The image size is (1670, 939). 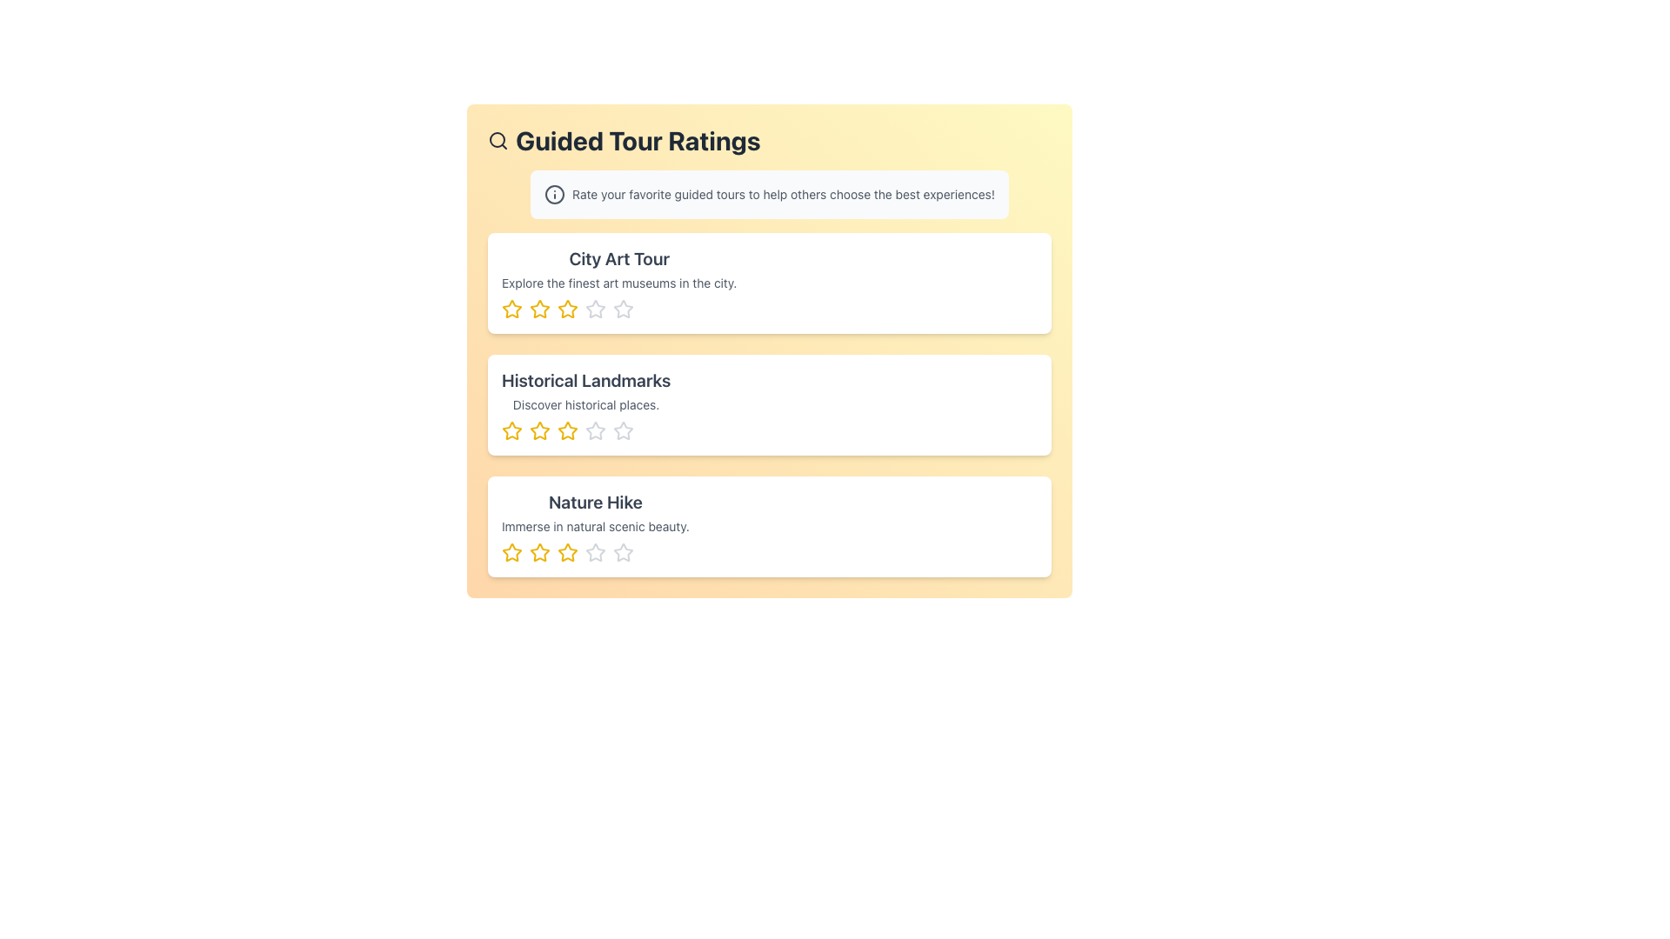 What do you see at coordinates (511, 308) in the screenshot?
I see `the first interactive rating star with a hollow center and yellow outline in the 'City Art Tour' section` at bounding box center [511, 308].